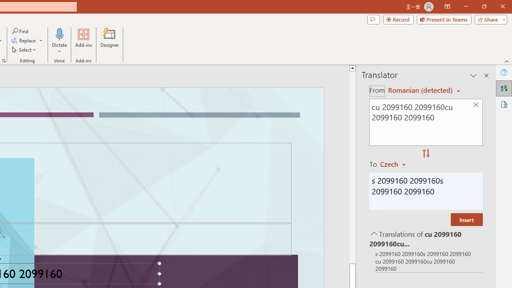 This screenshot has height=288, width=512. I want to click on 'Translations of cu 2099160 2099160cu 2099160 2099160', so click(425, 238).